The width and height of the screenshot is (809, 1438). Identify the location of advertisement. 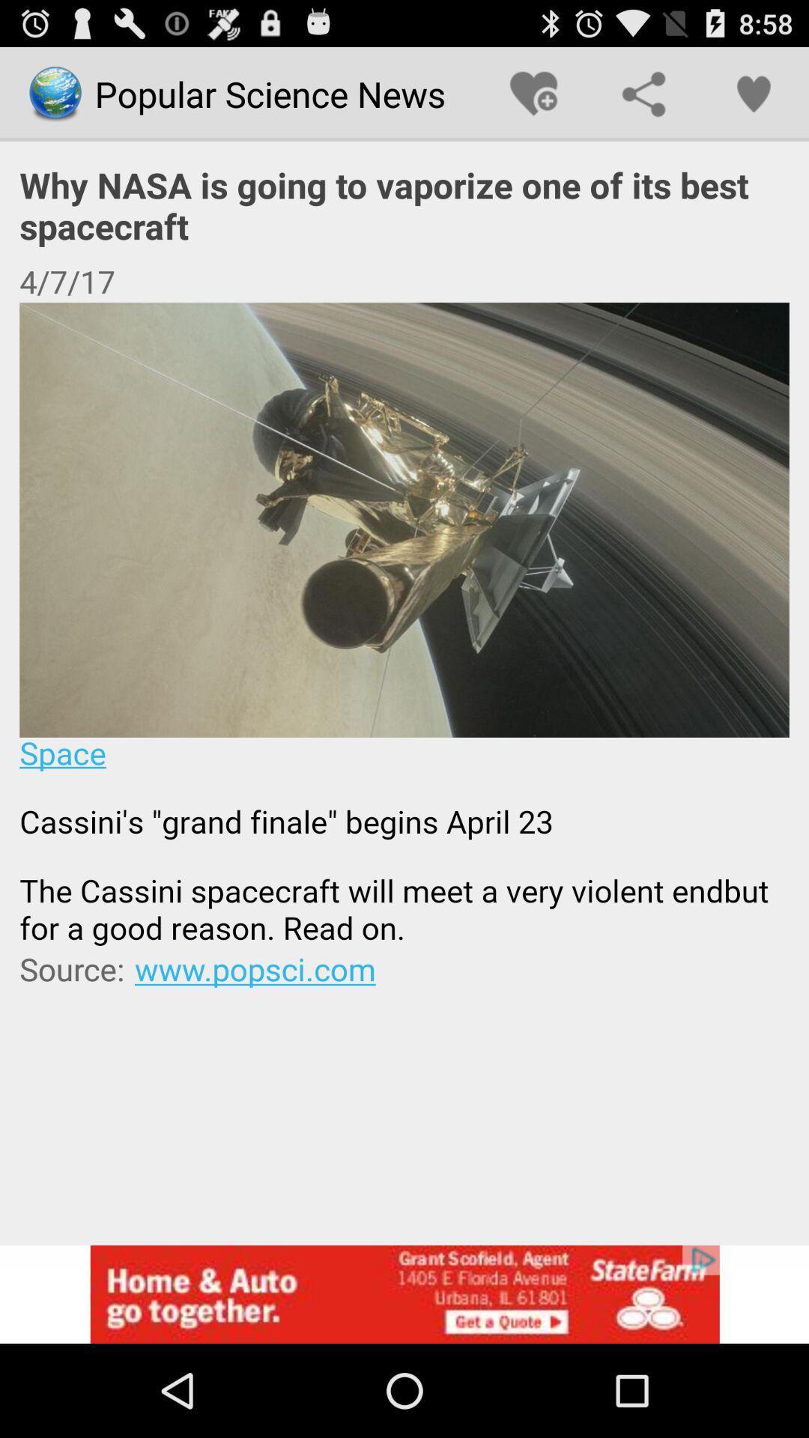
(404, 1293).